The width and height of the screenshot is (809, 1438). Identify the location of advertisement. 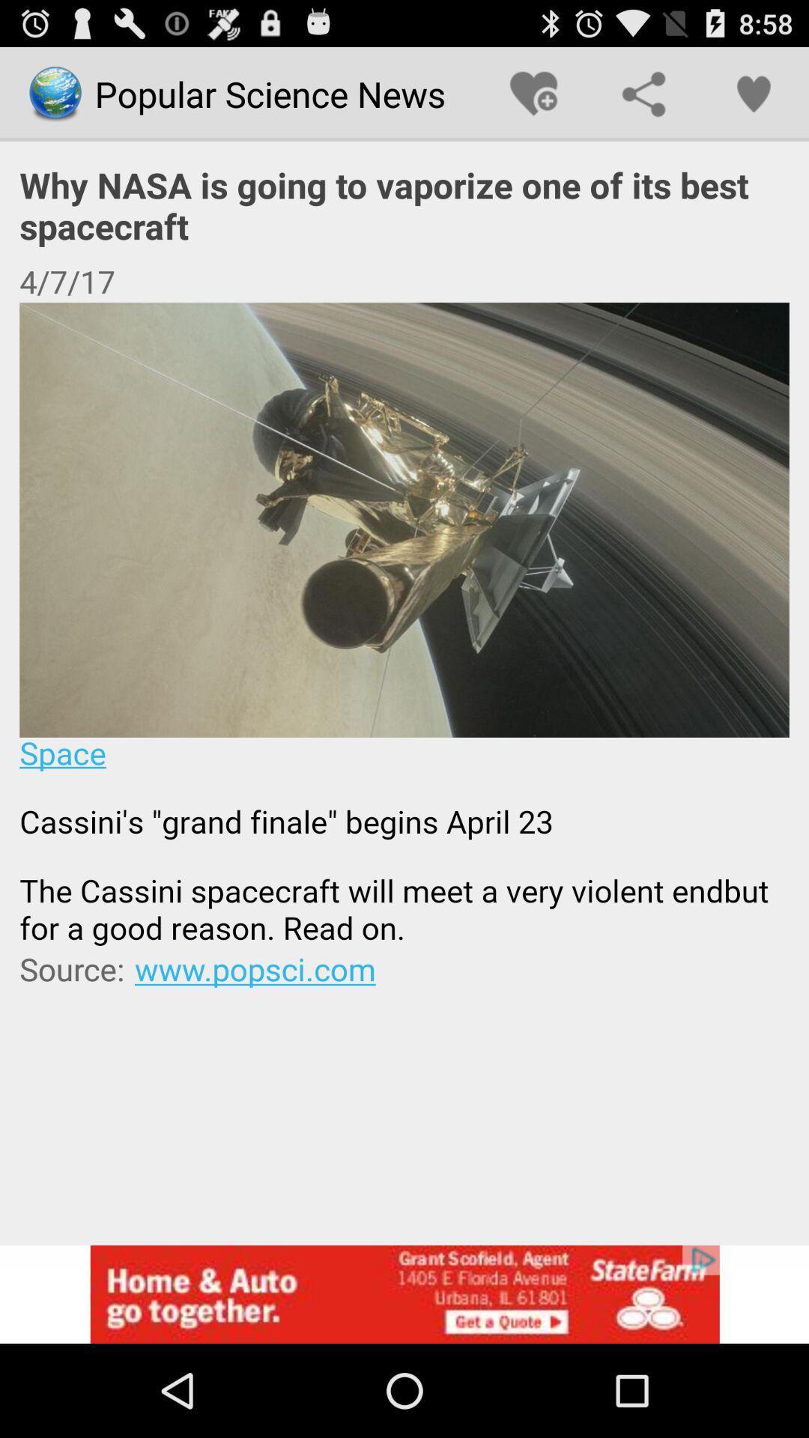
(404, 1293).